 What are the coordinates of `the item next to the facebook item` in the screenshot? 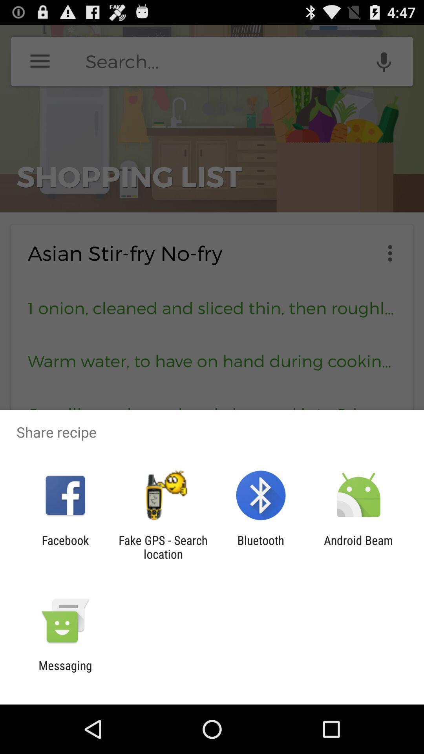 It's located at (163, 547).